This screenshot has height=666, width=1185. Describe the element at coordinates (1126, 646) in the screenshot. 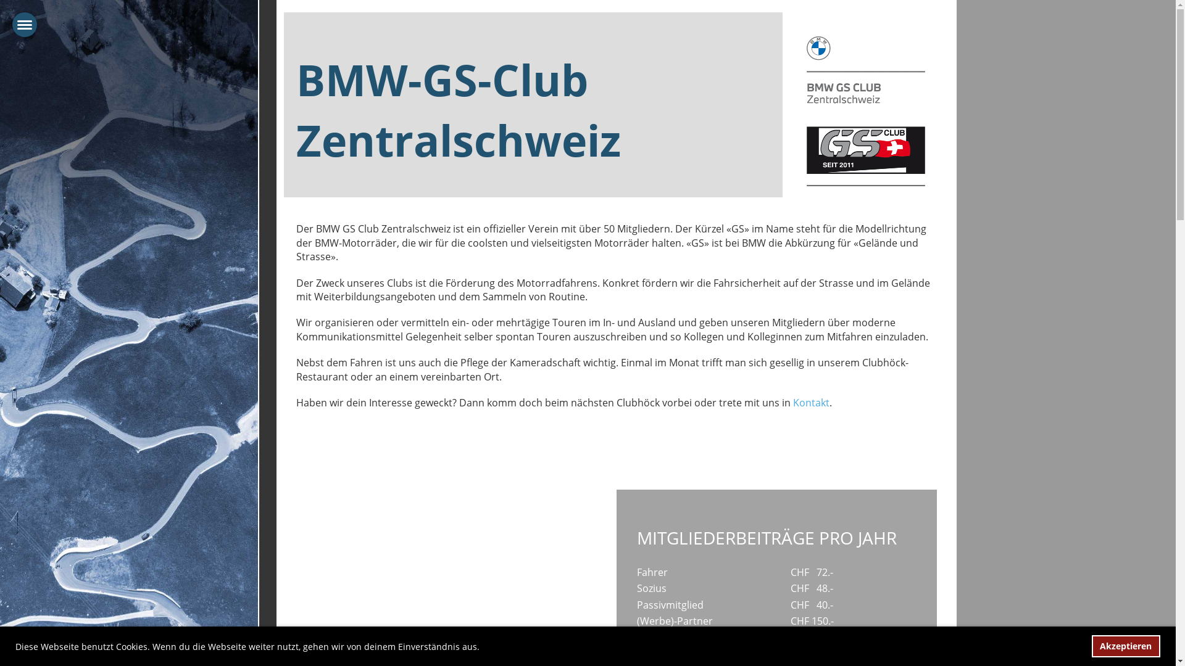

I see `'Akzeptieren'` at that location.